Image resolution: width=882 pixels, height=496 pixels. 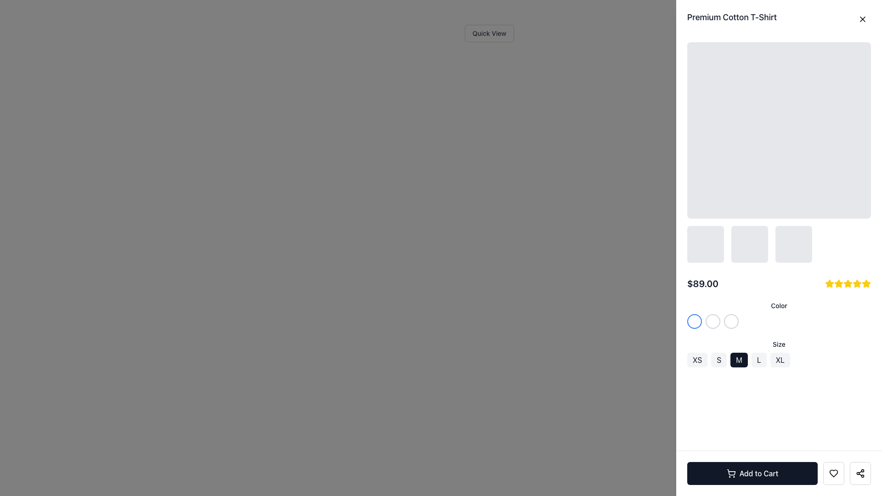 What do you see at coordinates (778, 130) in the screenshot?
I see `the light gray square image placeholder with rounded corners located in the top right panel of the interface` at bounding box center [778, 130].